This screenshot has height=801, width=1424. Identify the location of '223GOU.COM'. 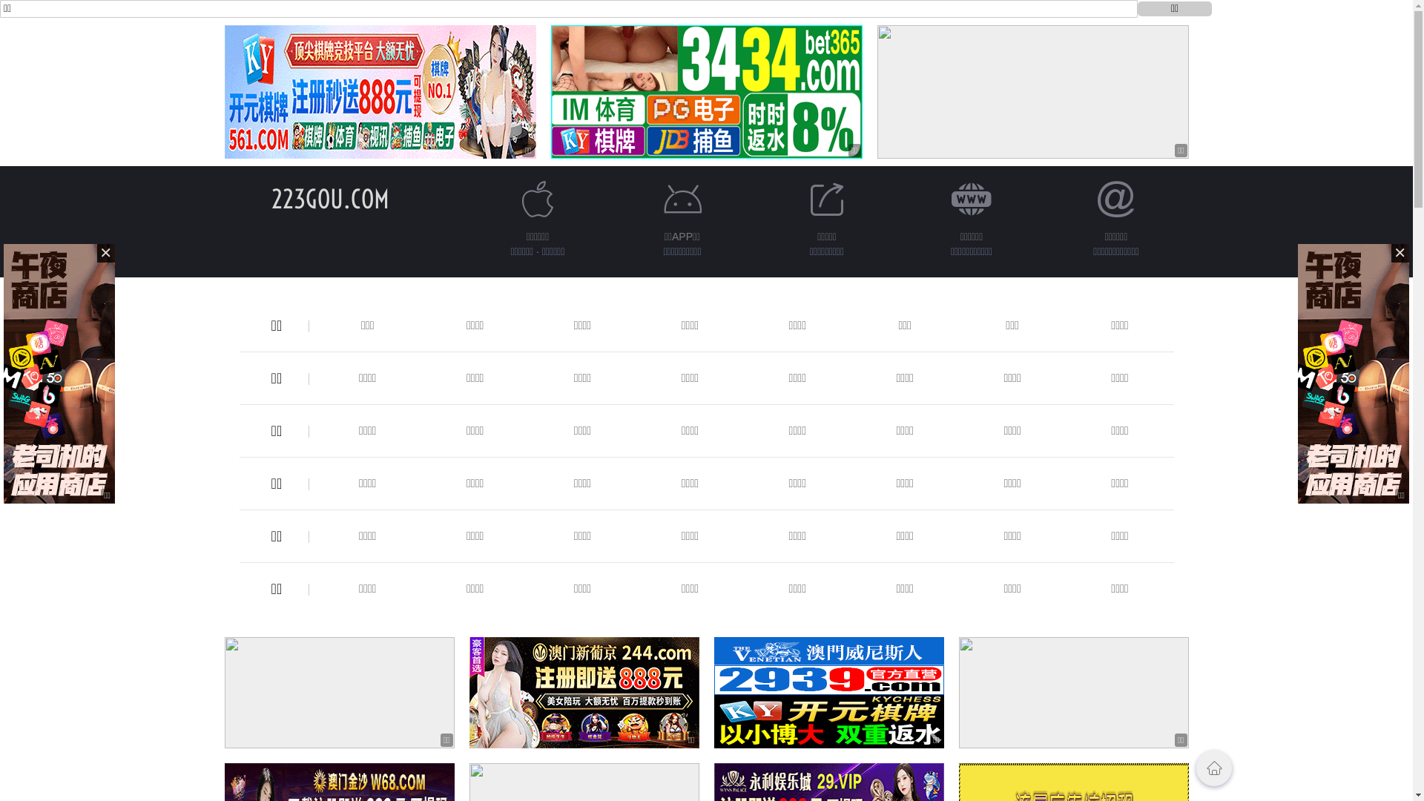
(329, 198).